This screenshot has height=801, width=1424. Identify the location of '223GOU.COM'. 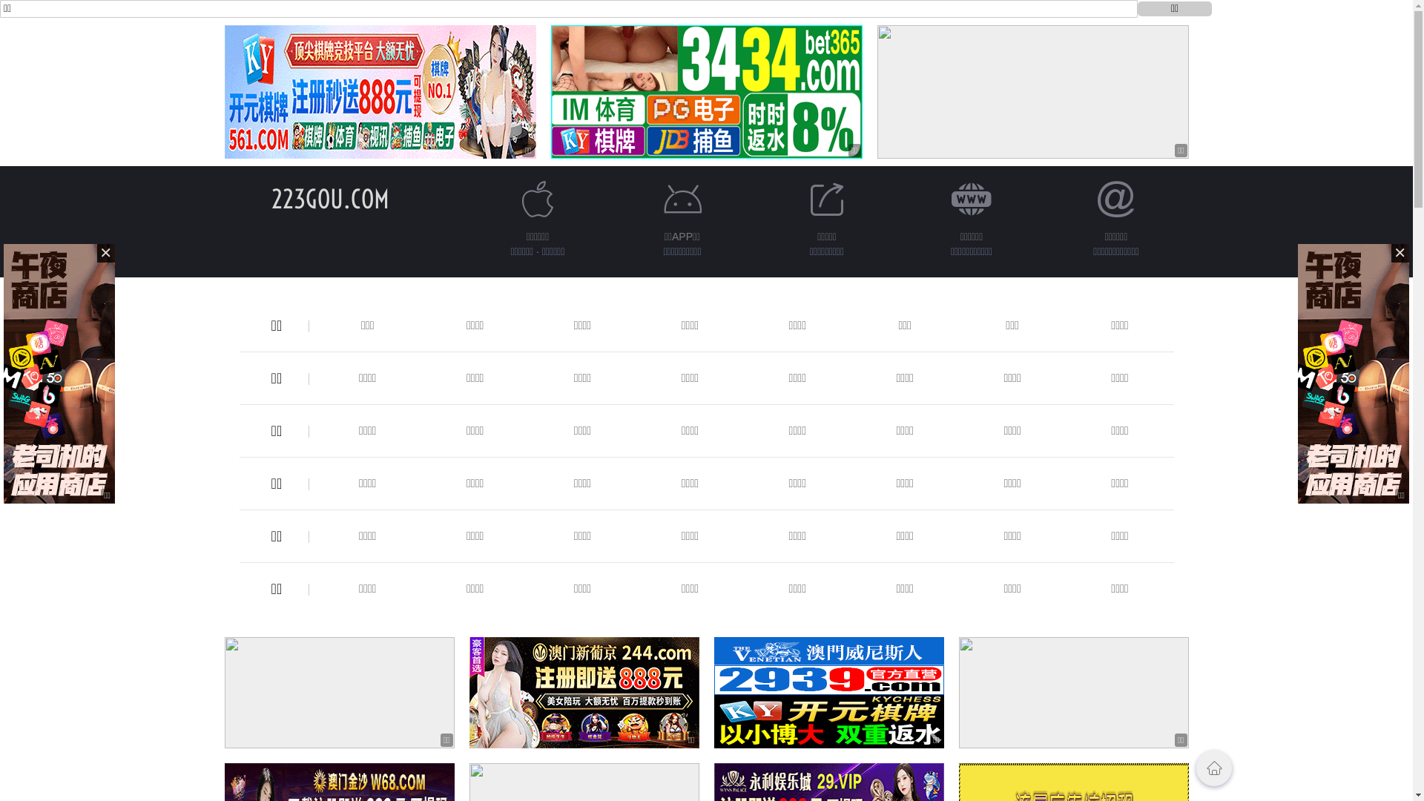
(329, 198).